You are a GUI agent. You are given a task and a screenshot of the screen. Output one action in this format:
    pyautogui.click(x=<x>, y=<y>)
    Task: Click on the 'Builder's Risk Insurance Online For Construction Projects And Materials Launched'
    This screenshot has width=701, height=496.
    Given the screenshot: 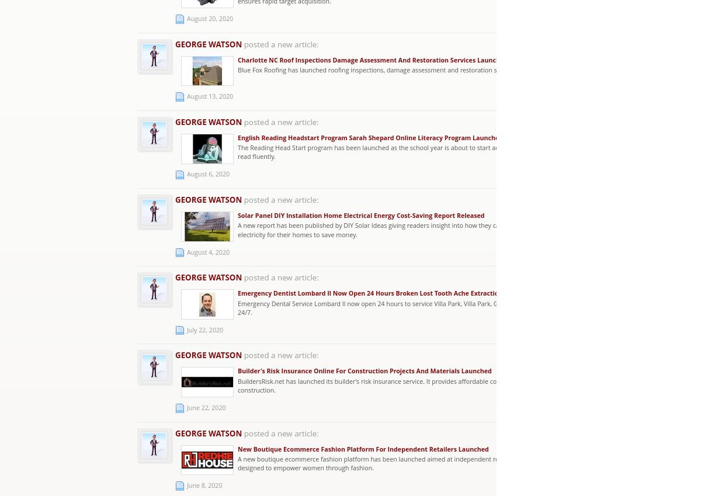 What is the action you would take?
    pyautogui.click(x=365, y=370)
    